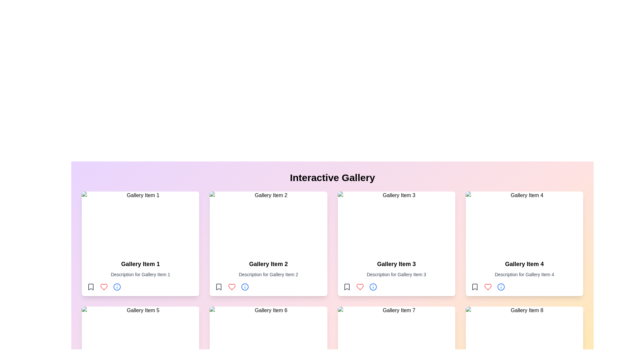  What do you see at coordinates (268, 275) in the screenshot?
I see `the static text element displaying 'Description for Gallery Item 2', which is located in the second card of the gallery, below the heading 'Gallery Item 2'` at bounding box center [268, 275].